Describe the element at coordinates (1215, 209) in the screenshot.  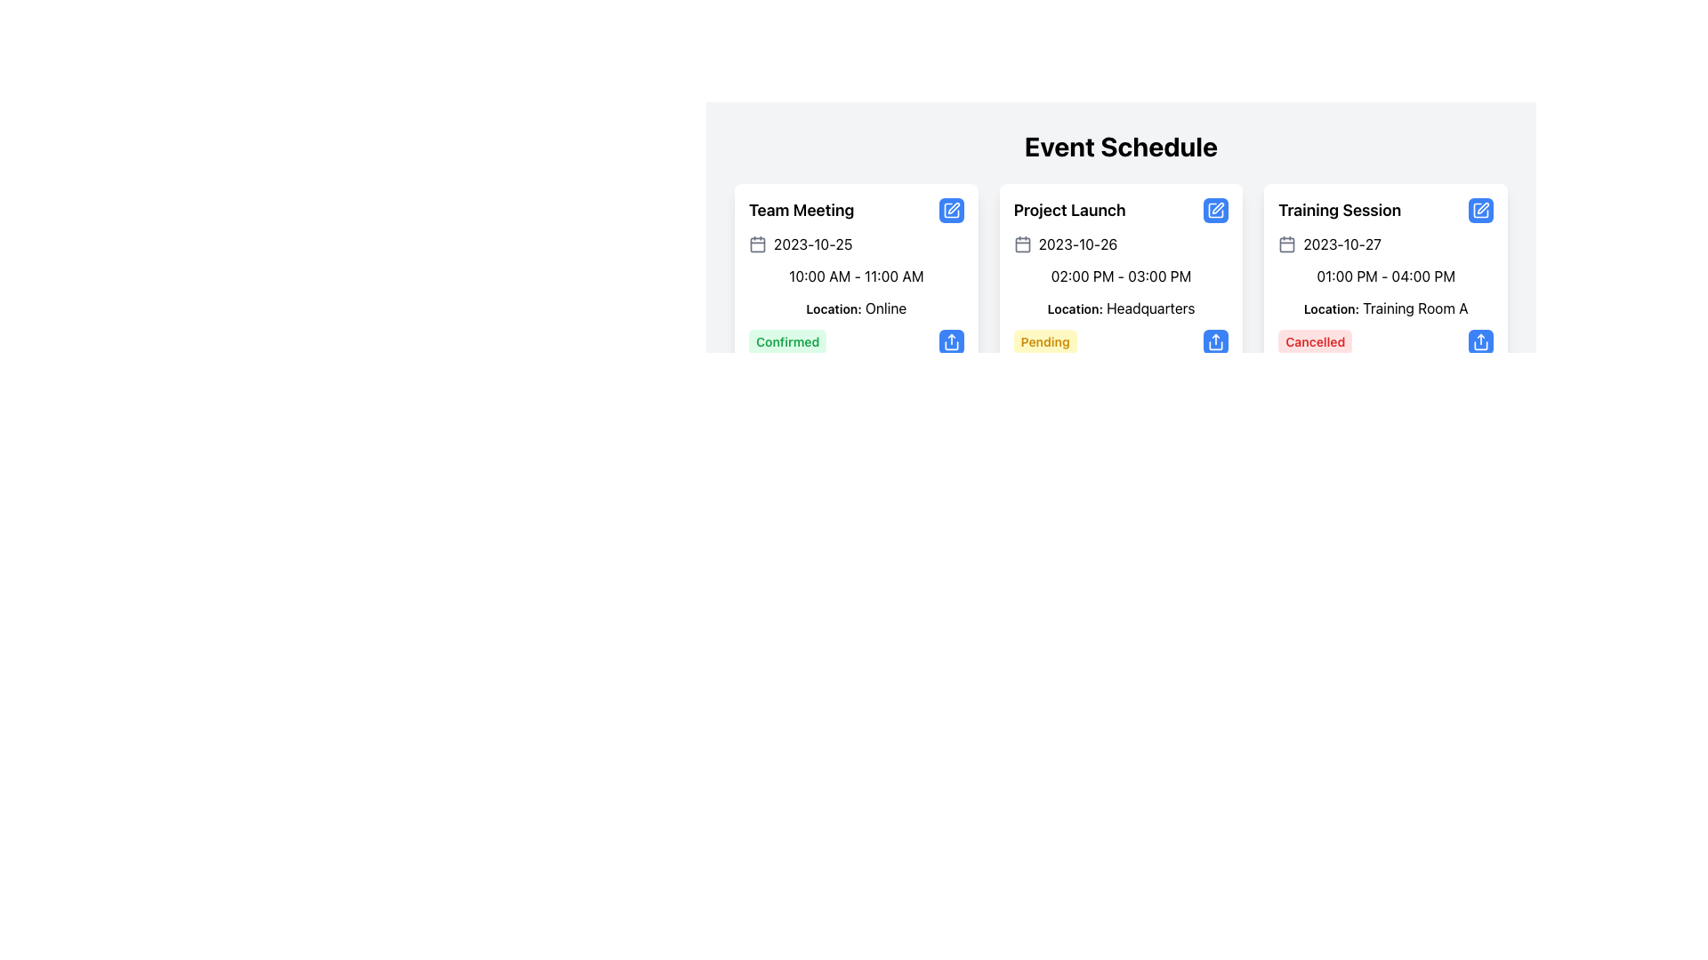
I see `the square outline icon representing editing functionality located in the top-right corner of the 'Project Launch' event card` at that location.